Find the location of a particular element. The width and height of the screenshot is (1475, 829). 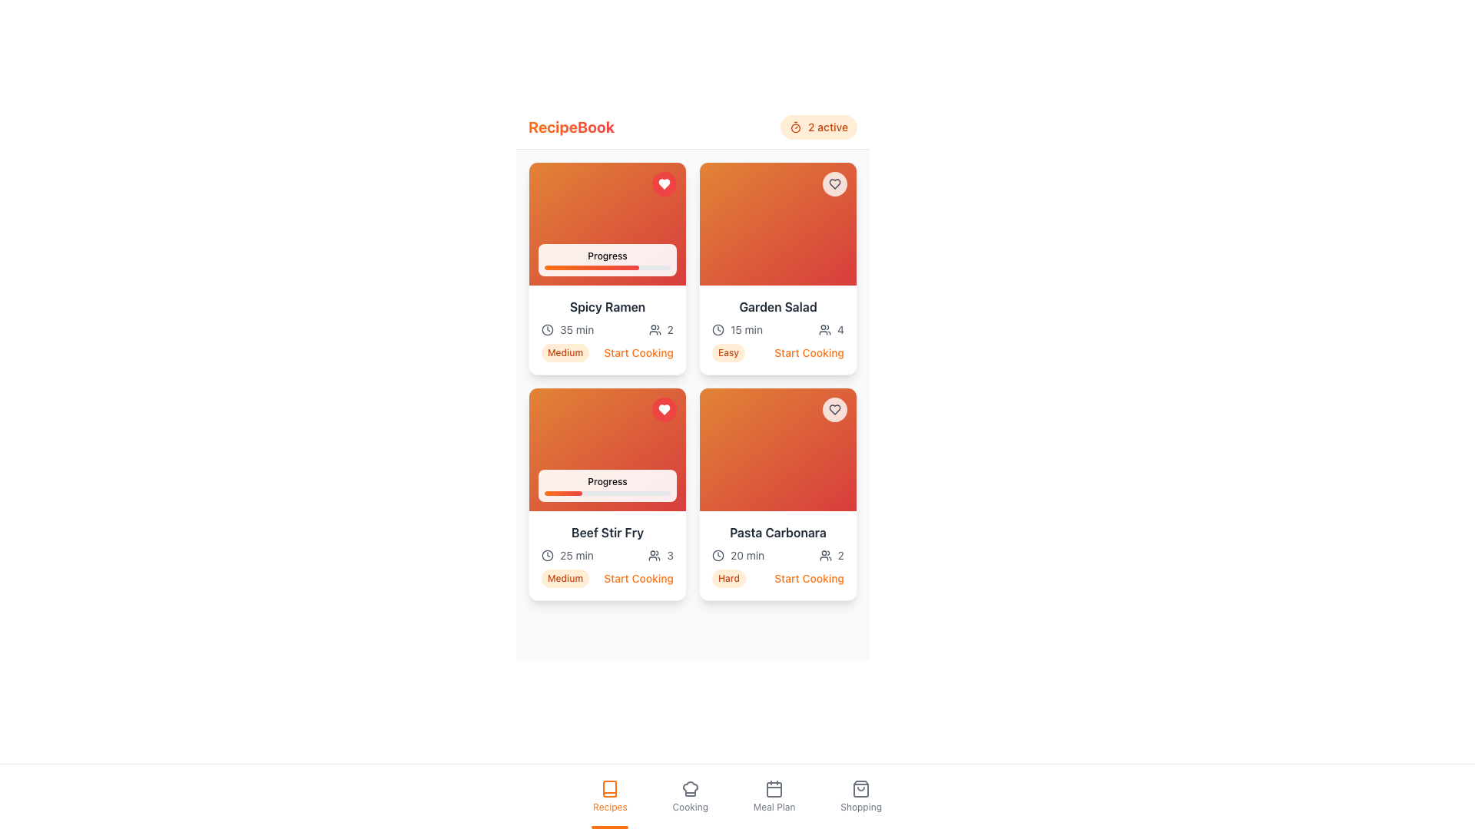

the chef hat icon in the navigation bar is located at coordinates (689, 789).